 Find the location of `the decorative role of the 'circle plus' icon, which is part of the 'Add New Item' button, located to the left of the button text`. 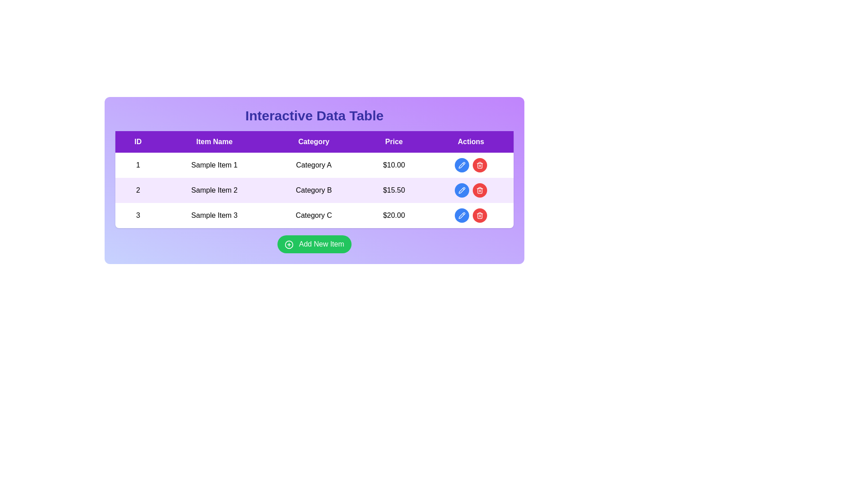

the decorative role of the 'circle plus' icon, which is part of the 'Add New Item' button, located to the left of the button text is located at coordinates (289, 244).